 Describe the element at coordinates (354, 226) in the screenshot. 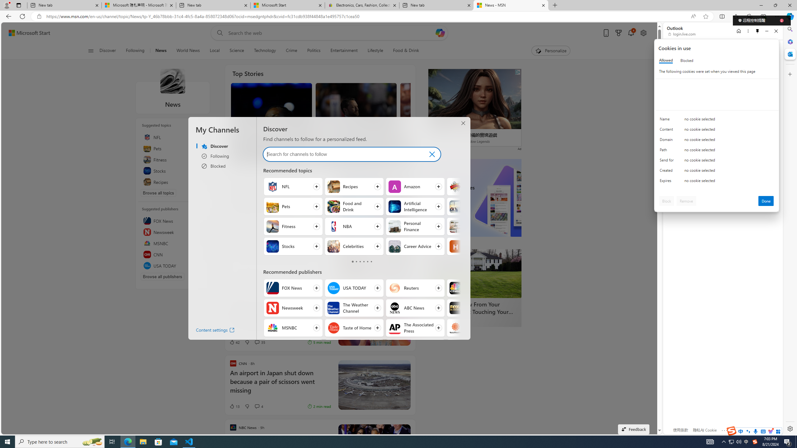

I see `'Follow NBA'` at that location.